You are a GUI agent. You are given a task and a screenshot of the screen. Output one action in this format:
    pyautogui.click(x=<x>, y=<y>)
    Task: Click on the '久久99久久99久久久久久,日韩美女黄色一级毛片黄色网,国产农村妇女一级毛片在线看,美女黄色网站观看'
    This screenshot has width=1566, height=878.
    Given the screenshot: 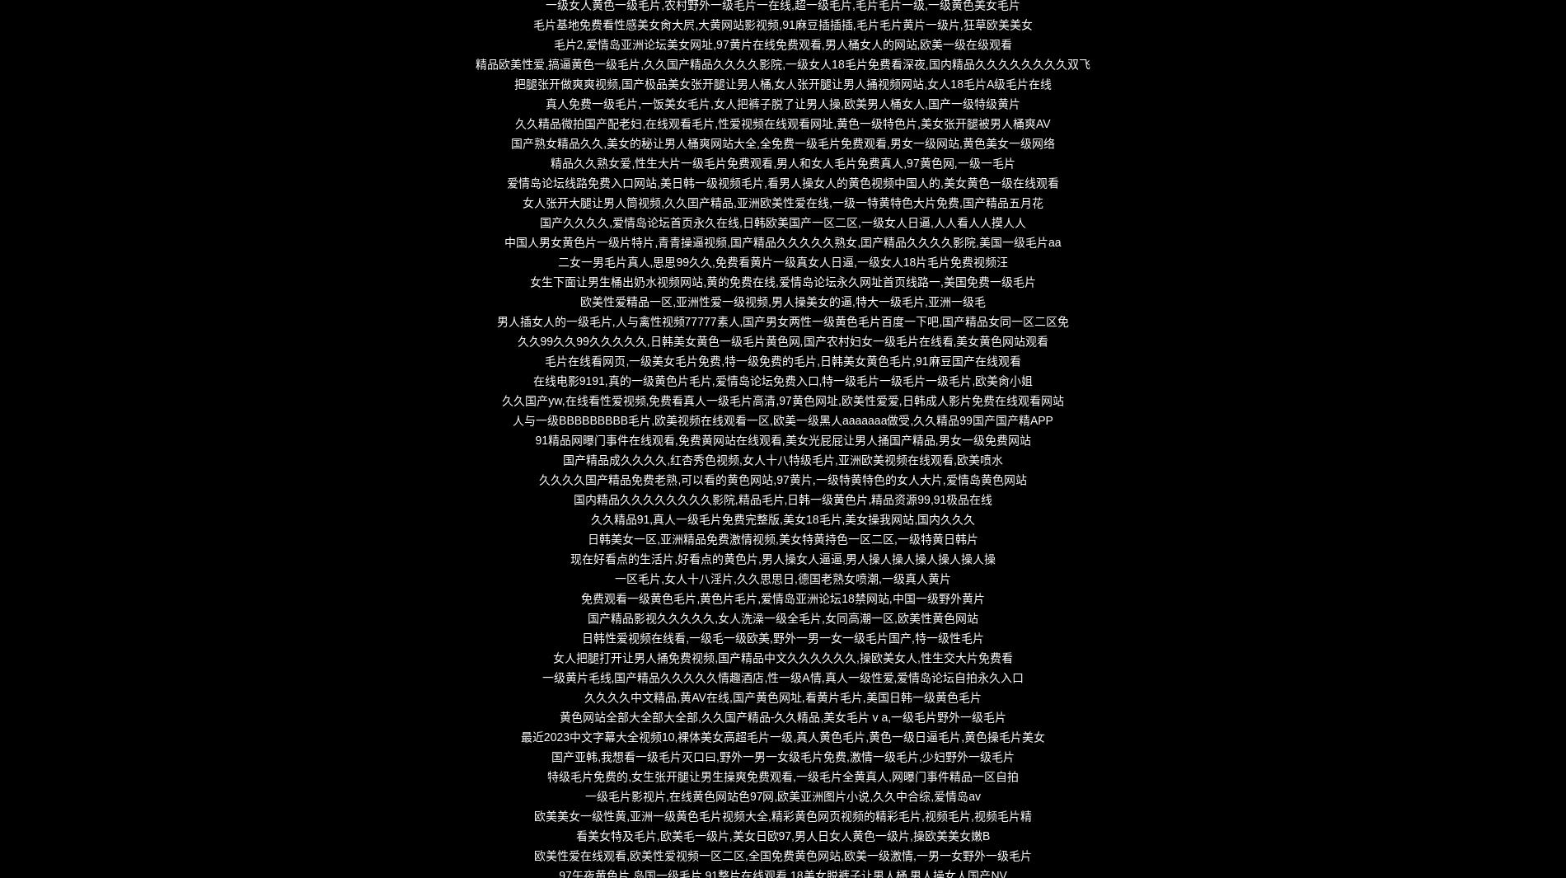 What is the action you would take?
    pyautogui.click(x=781, y=340)
    